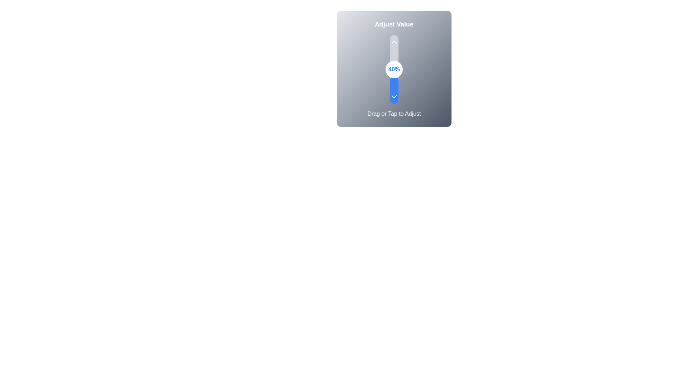  What do you see at coordinates (393, 43) in the screenshot?
I see `the slider value` at bounding box center [393, 43].